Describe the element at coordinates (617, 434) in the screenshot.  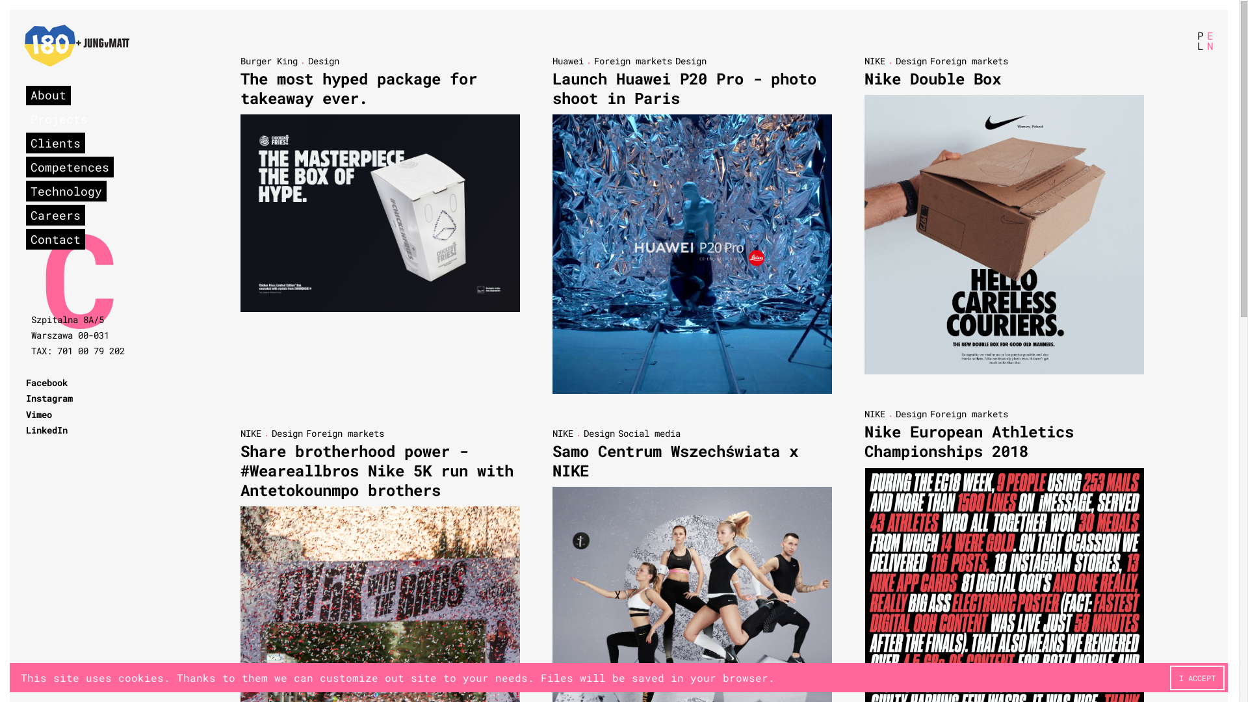
I see `'Social media'` at that location.